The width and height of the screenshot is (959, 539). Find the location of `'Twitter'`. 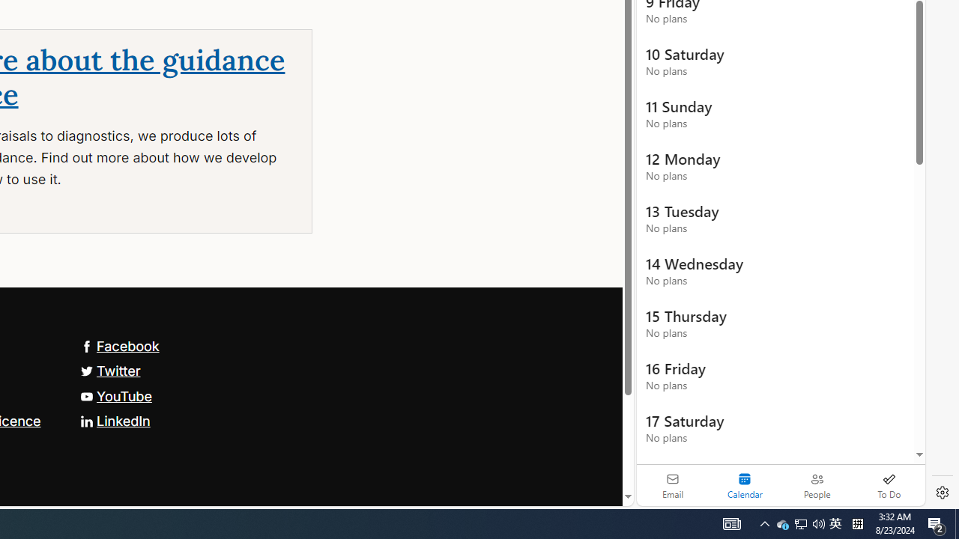

'Twitter' is located at coordinates (109, 371).